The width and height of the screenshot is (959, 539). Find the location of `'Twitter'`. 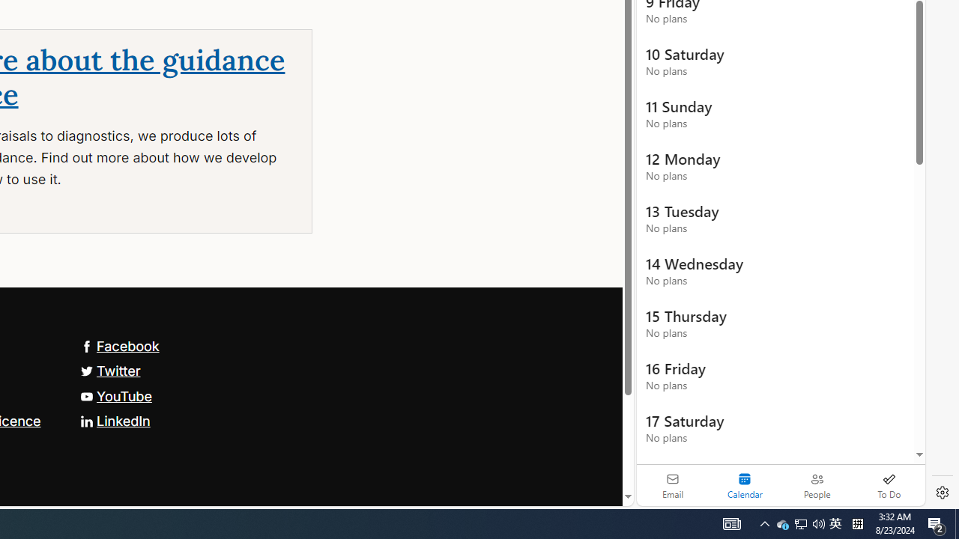

'Twitter' is located at coordinates (109, 371).